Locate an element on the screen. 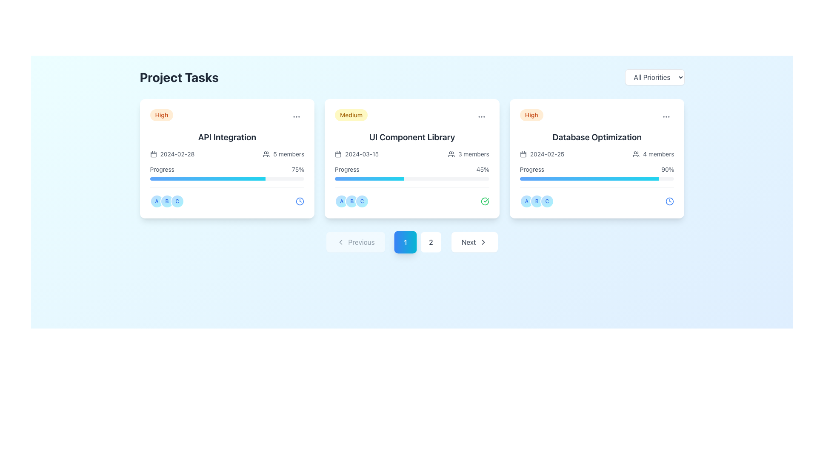 This screenshot has height=459, width=817. the second circular badge labeled 'B' in the horizontal arrangement of three badges under the 'API Integration' card is located at coordinates (167, 201).